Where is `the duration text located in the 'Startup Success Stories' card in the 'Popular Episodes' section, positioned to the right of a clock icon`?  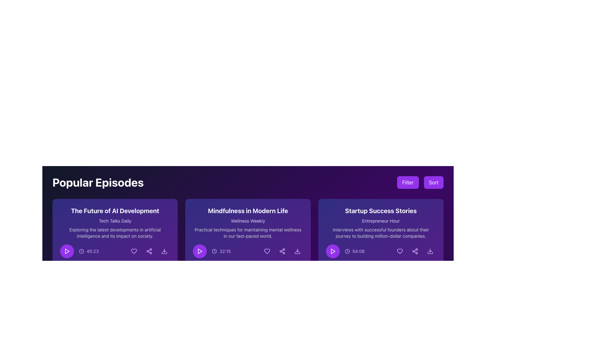
the duration text located in the 'Startup Success Stories' card in the 'Popular Episodes' section, positioned to the right of a clock icon is located at coordinates (359, 251).